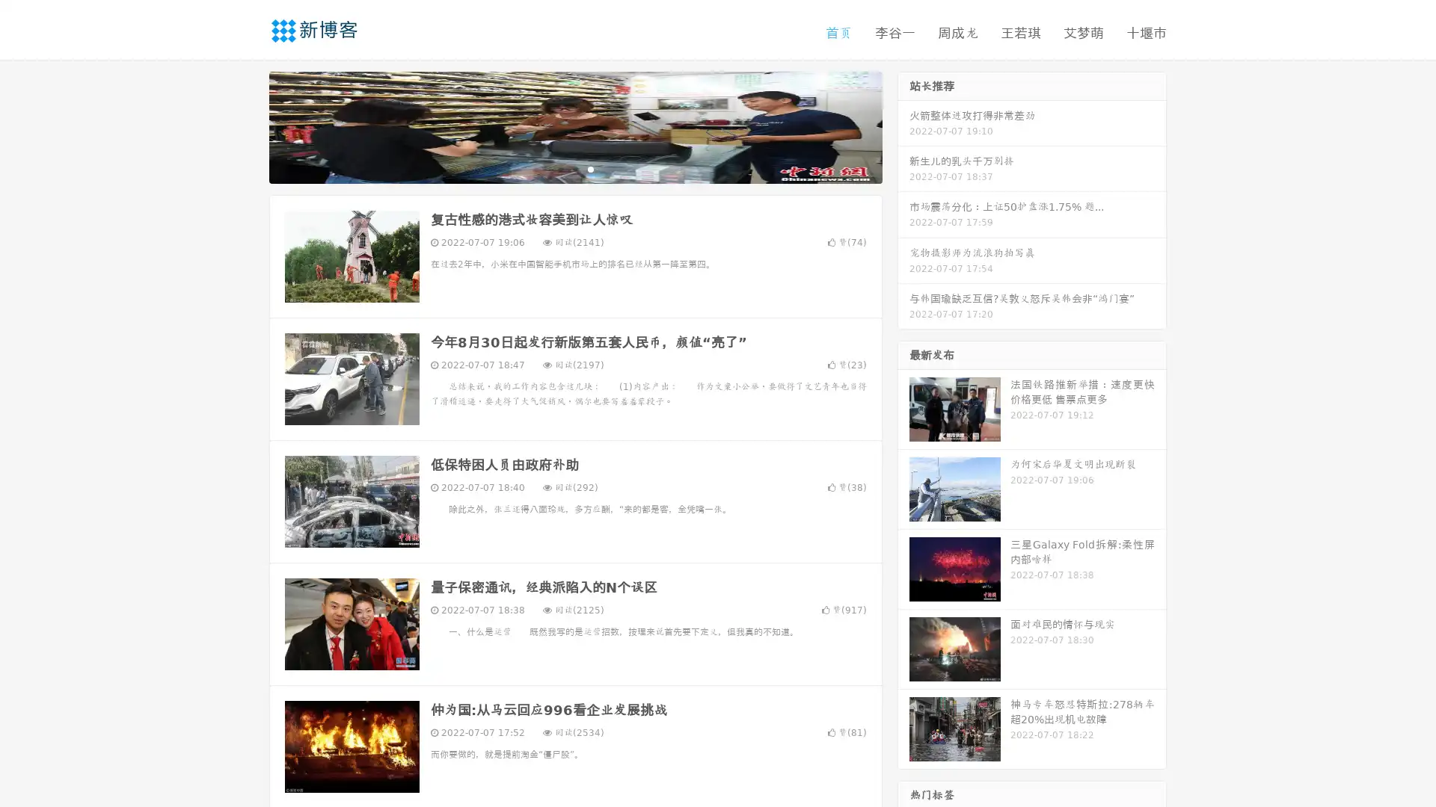 The image size is (1436, 807). What do you see at coordinates (247, 126) in the screenshot?
I see `Previous slide` at bounding box center [247, 126].